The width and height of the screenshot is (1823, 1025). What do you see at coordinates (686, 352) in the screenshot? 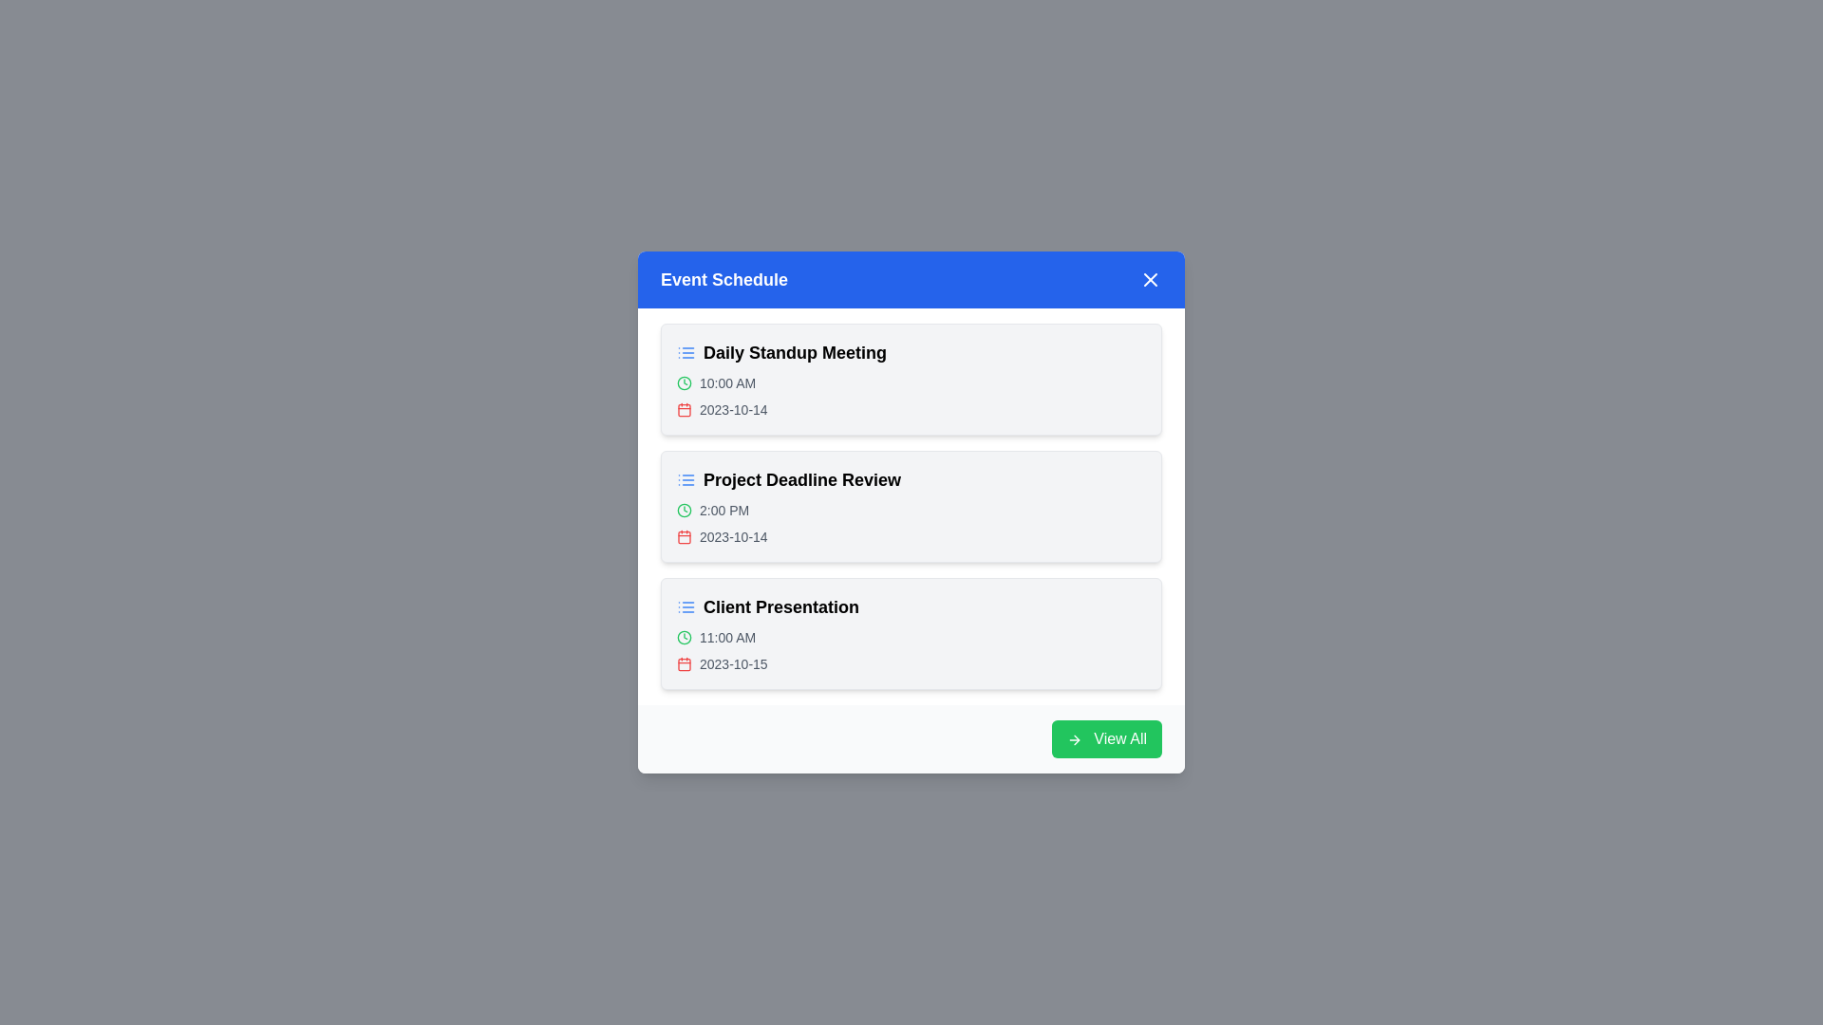
I see `the blue horizontally aligned list icon located to the left of the text 'Daily Standup Meeting'` at bounding box center [686, 352].